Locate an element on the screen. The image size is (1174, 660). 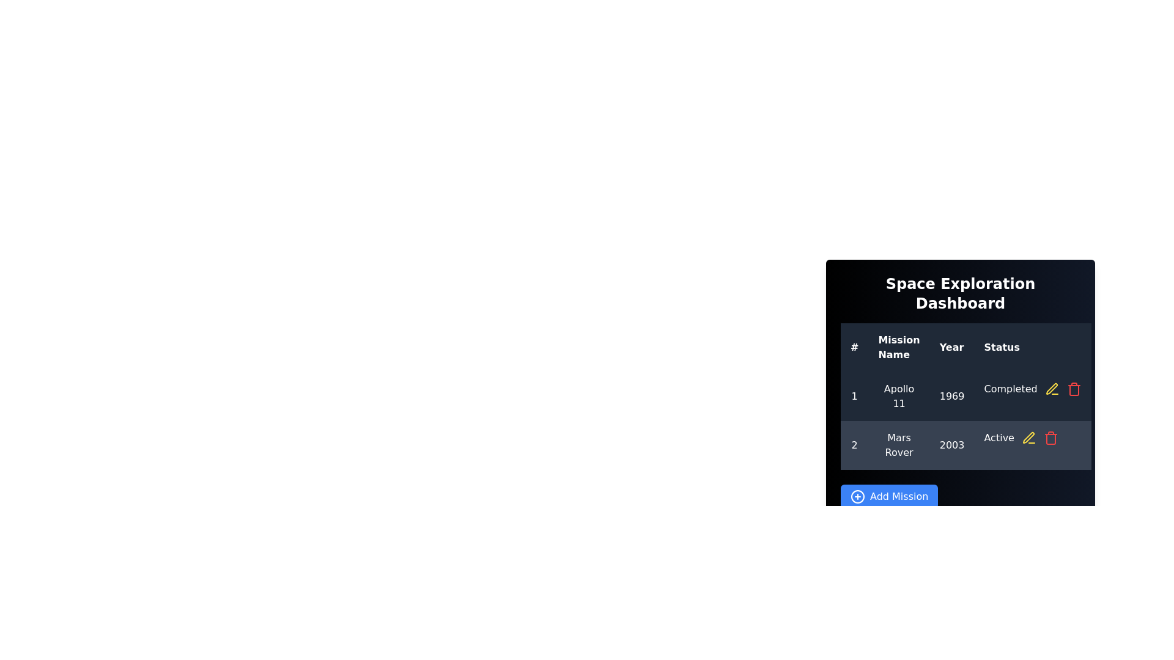
the text label displaying the year '2003' is located at coordinates (951, 446).